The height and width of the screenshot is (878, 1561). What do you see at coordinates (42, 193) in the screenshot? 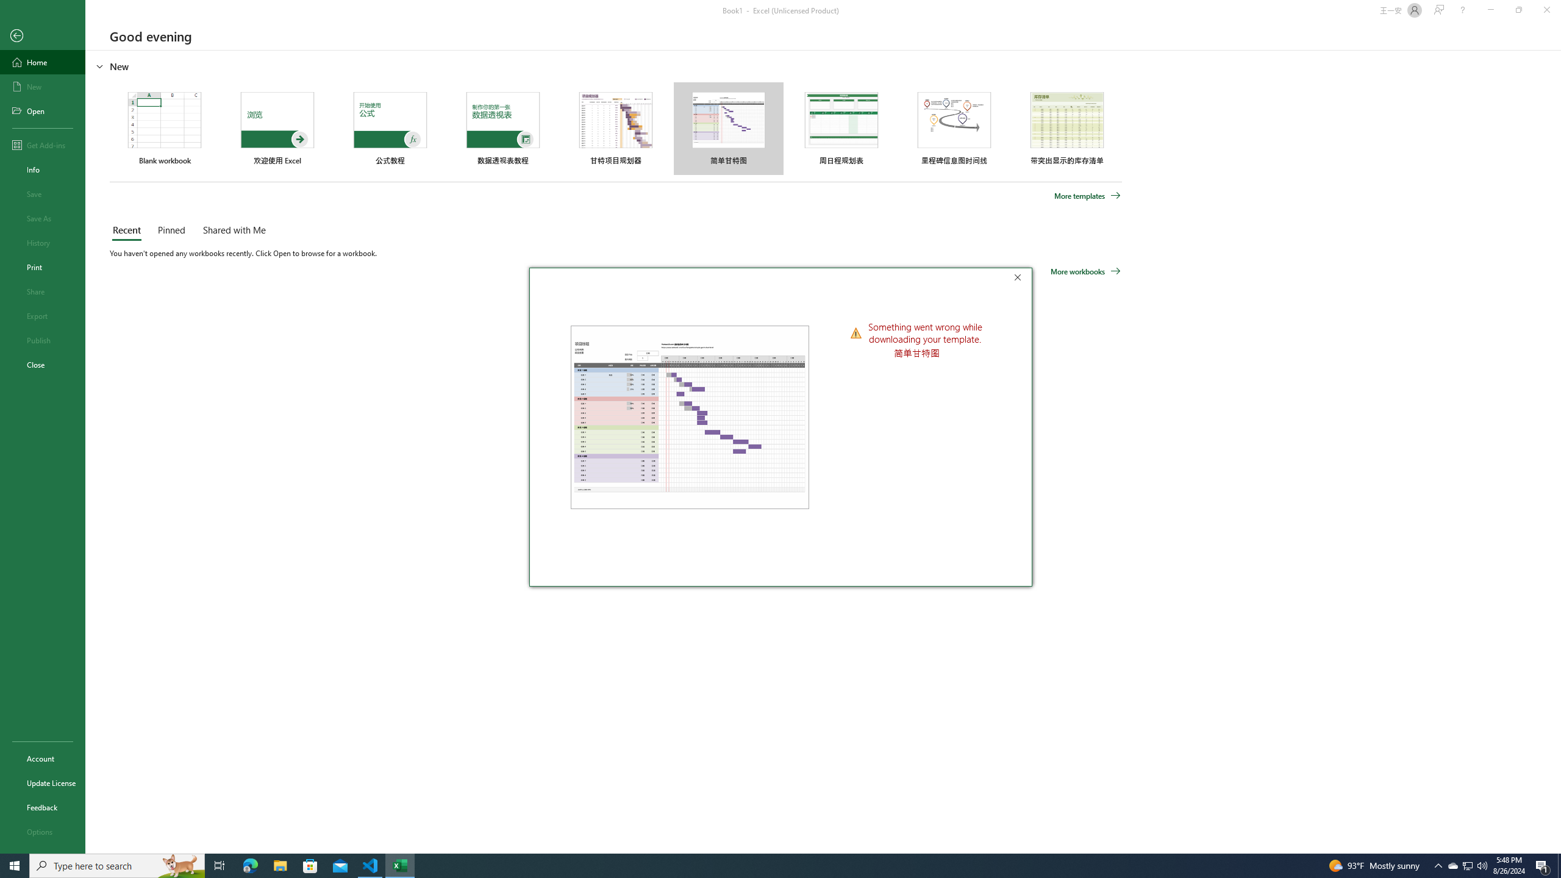
I see `'Save'` at bounding box center [42, 193].